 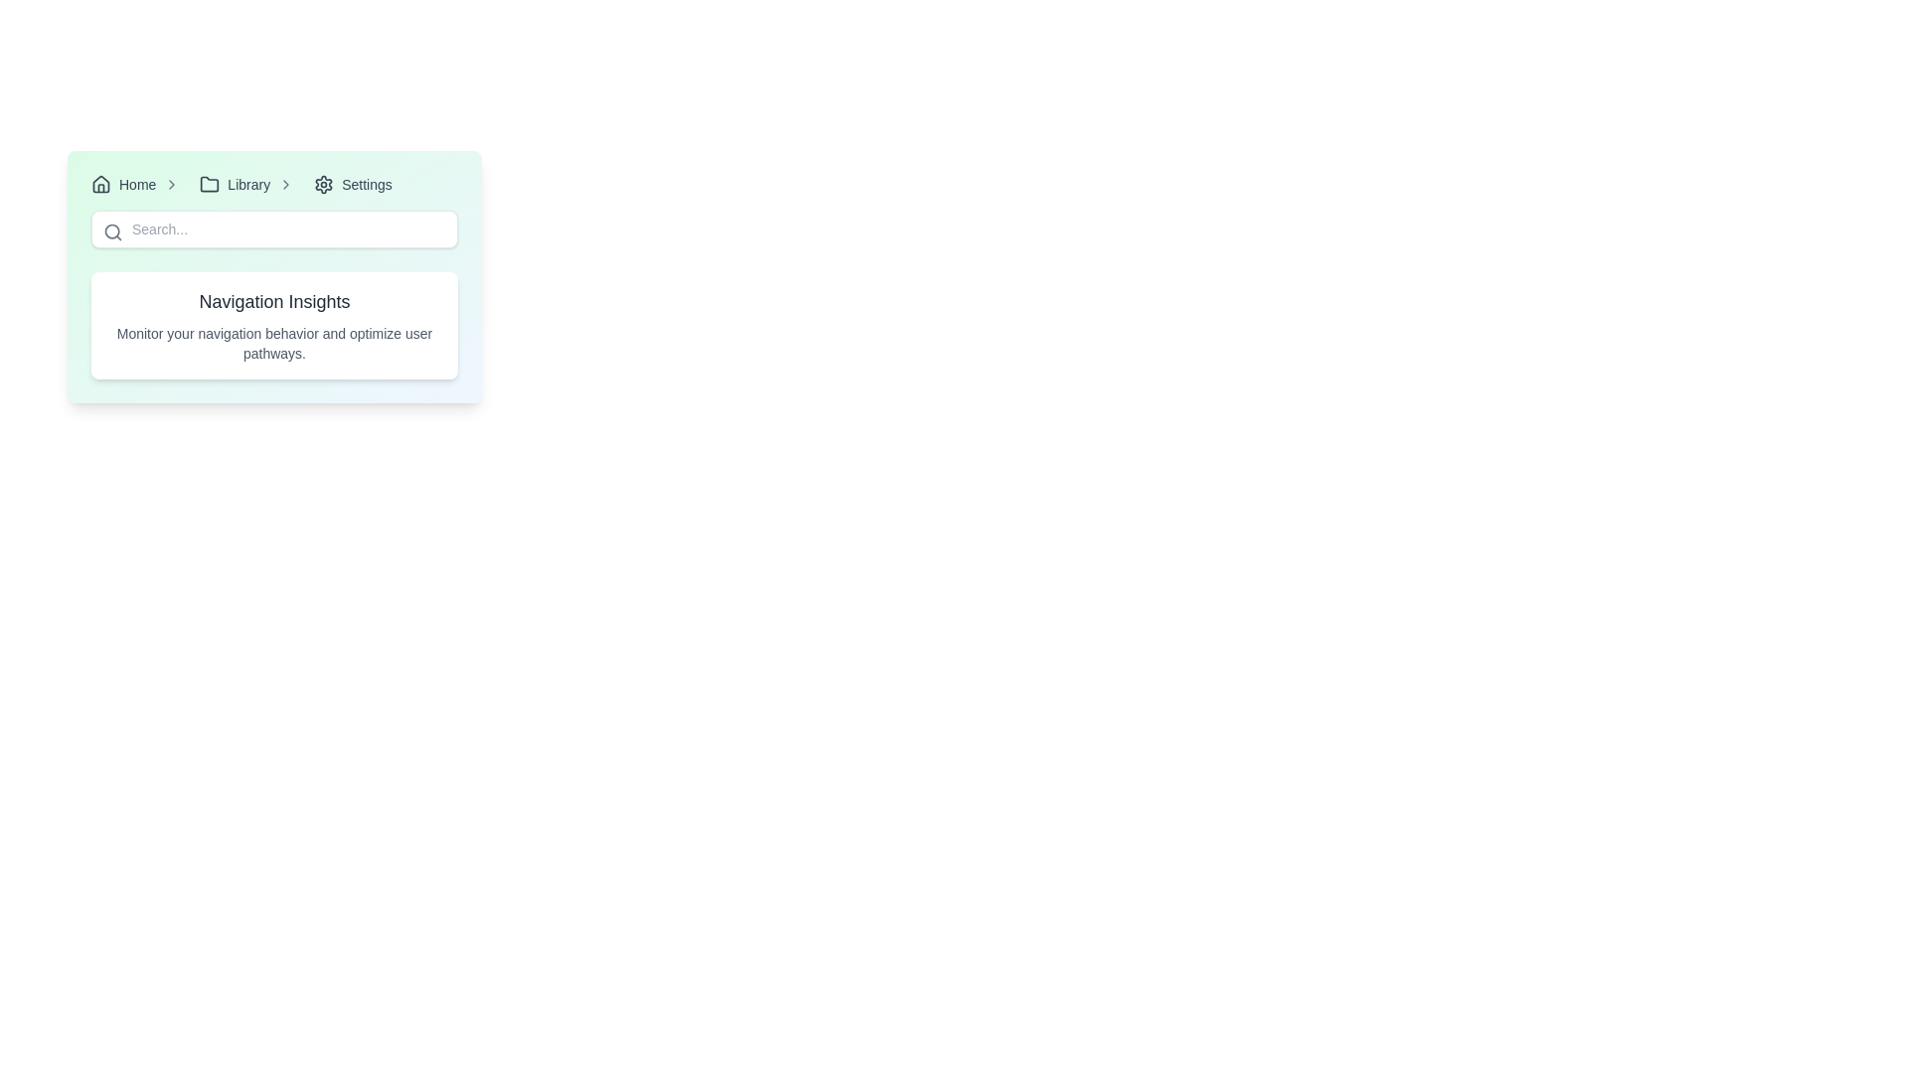 What do you see at coordinates (235, 184) in the screenshot?
I see `the 'Library' navigation link, which is the second clickable element in the breadcrumb navigation located in the horizontal navbar at the top of the interface` at bounding box center [235, 184].